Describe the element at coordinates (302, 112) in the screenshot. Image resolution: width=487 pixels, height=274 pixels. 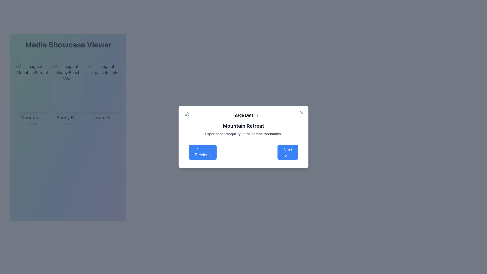
I see `the small square close button with a gray border and an 'X' icon located at the top-right corner of the modal window` at that location.